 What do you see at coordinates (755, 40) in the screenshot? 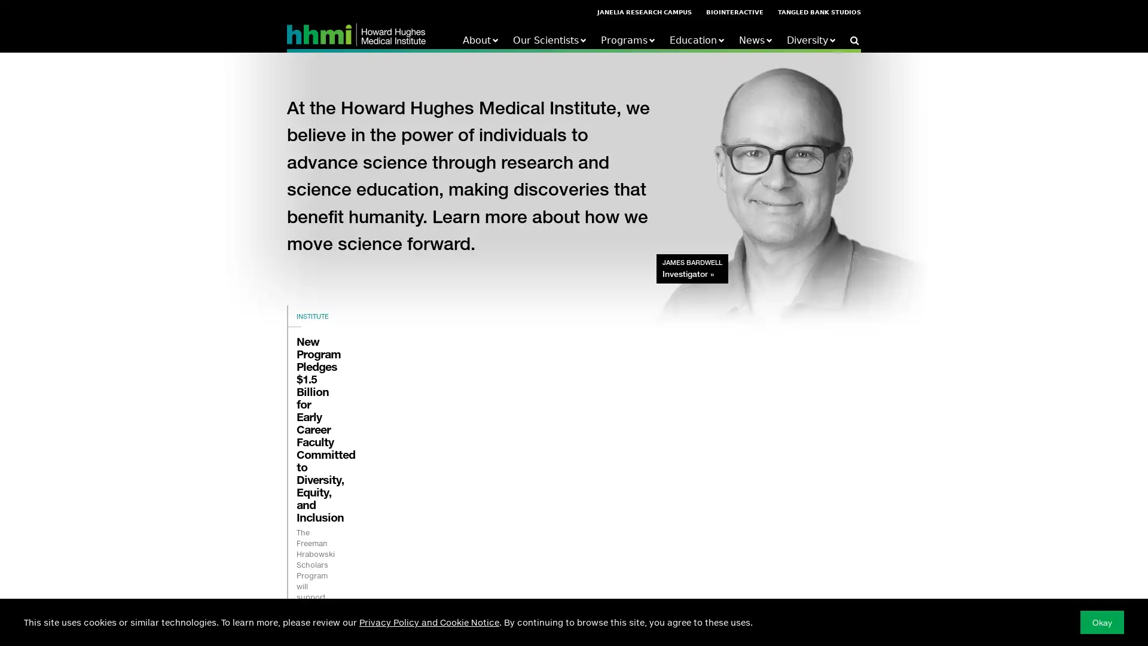
I see `News` at bounding box center [755, 40].